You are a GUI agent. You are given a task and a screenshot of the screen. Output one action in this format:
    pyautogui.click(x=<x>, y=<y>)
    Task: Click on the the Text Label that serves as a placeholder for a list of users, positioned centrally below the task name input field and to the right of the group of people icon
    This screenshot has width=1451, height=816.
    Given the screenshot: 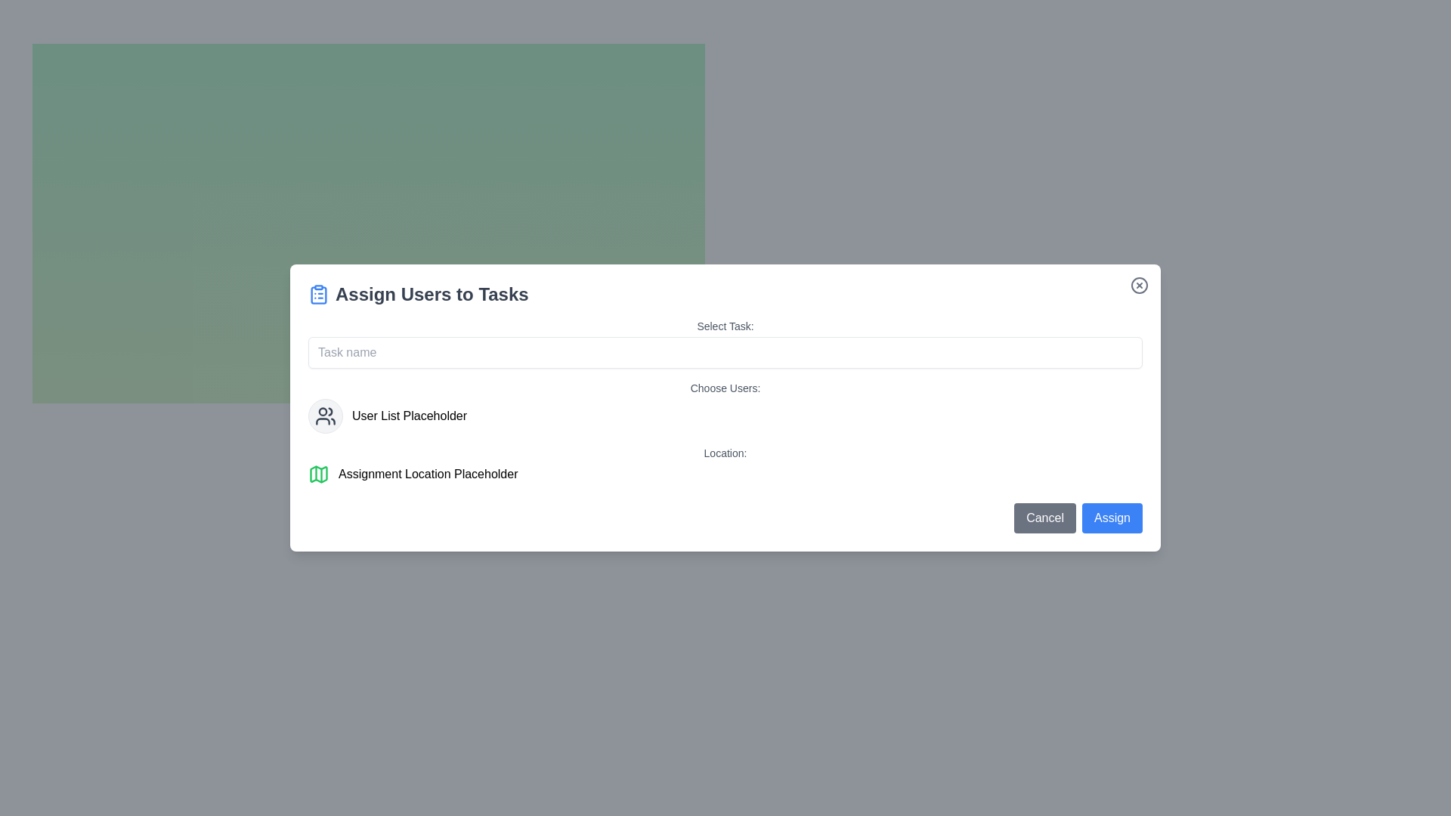 What is the action you would take?
    pyautogui.click(x=410, y=416)
    